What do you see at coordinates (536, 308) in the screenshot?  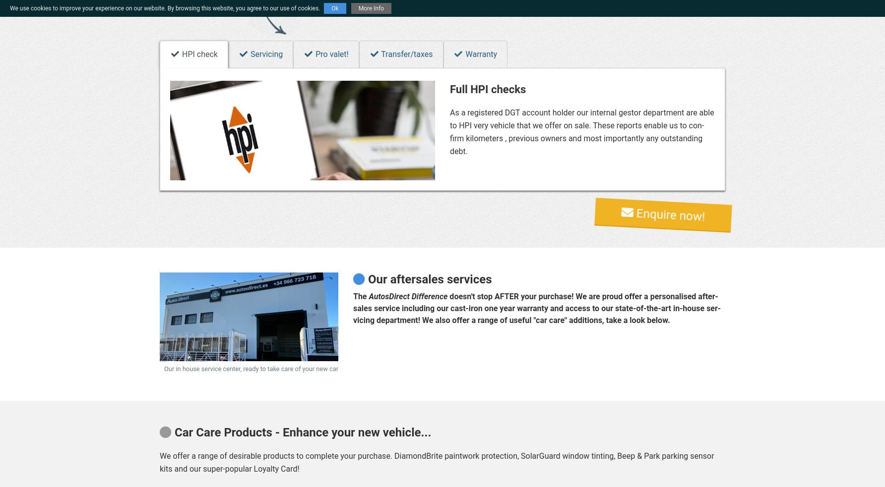 I see `'does­n't stop AFTER your pur­chase! We are proud of­fer a per­son­al­ised af­ter­sales ser­vice in­clud­ing our cast-iron one year war­ranty and ac­cess to our state-of-the-art in-house ser­vi­cing de­part­ment! We also of­fer a range of use­ful "car care" ad­di­tions, take a look be­low.'` at bounding box center [536, 308].